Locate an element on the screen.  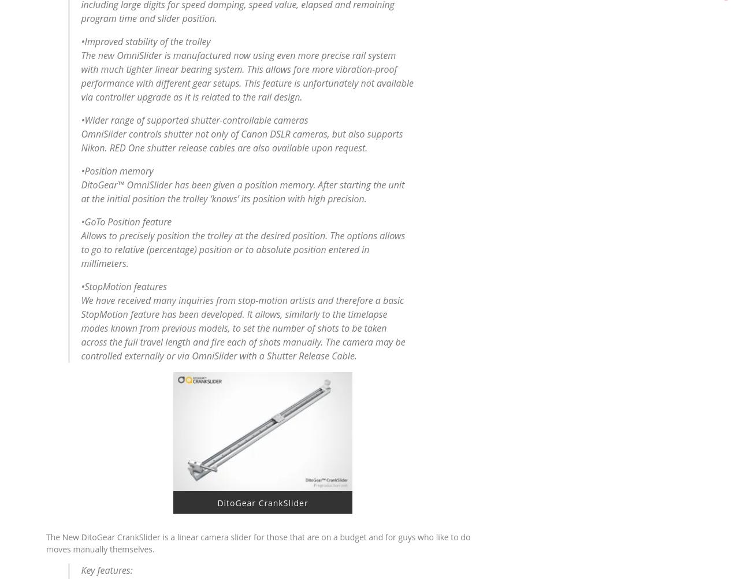
'•GoTo Position feature' is located at coordinates (125, 221).